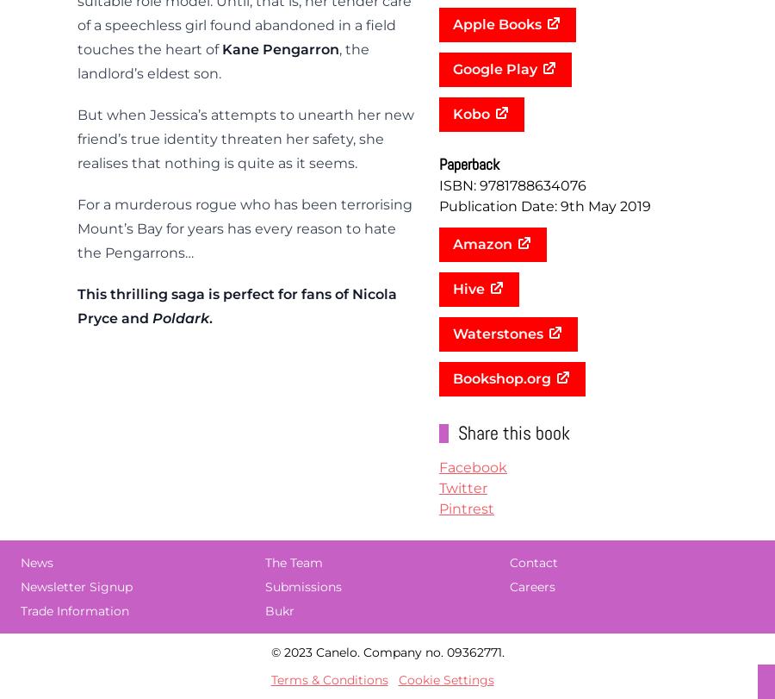 The image size is (775, 699). Describe the element at coordinates (77, 305) in the screenshot. I see `'This thrilling saga is perfect for fans of Nicola Pryce and'` at that location.